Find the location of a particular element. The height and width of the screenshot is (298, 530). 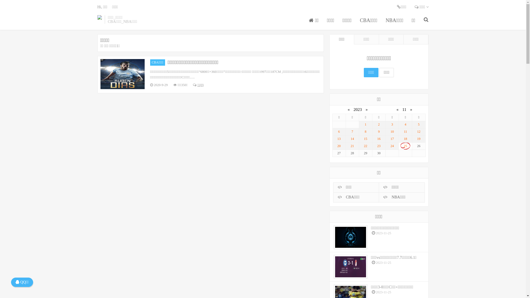

'10' is located at coordinates (392, 132).